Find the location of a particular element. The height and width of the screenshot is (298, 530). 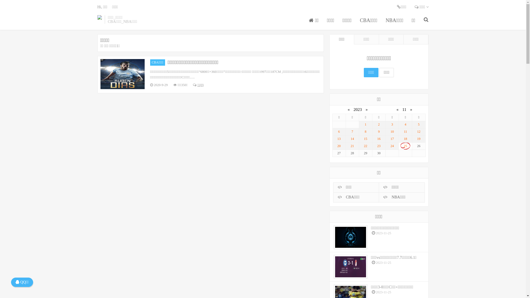

'10' is located at coordinates (392, 132).